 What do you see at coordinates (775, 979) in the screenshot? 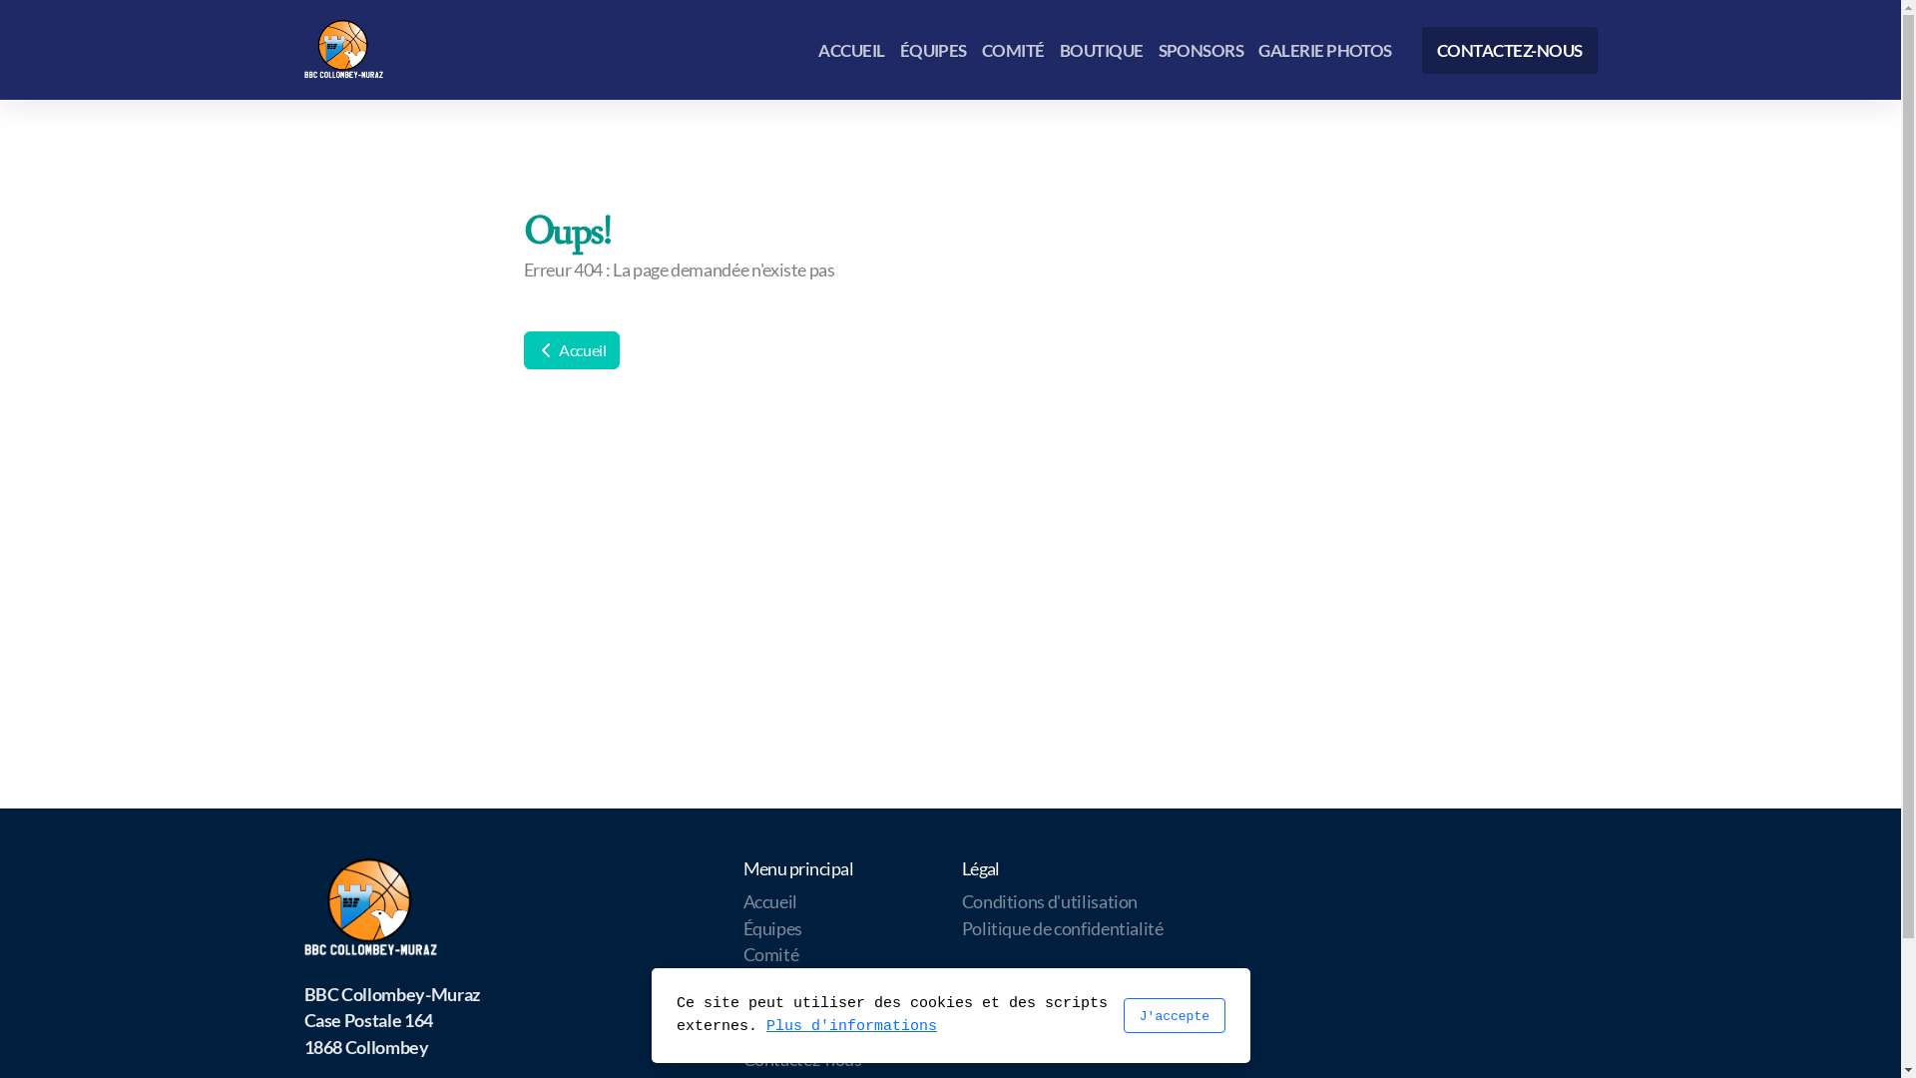
I see `'Boutique'` at bounding box center [775, 979].